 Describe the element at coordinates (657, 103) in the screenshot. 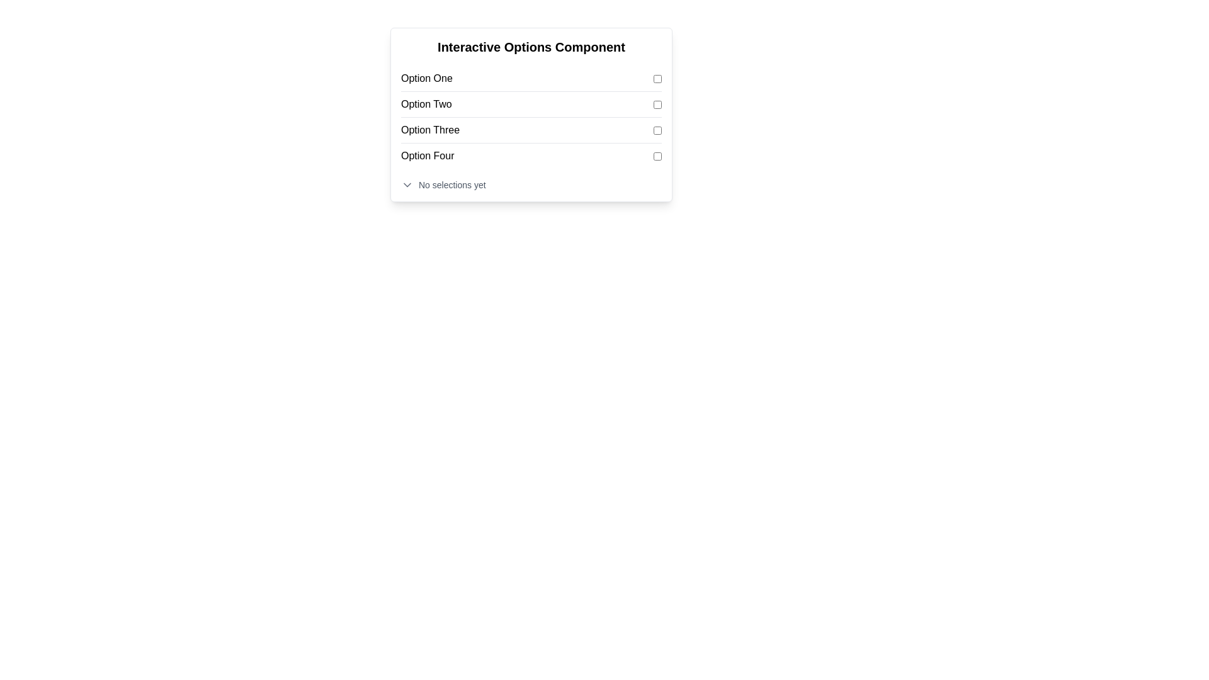

I see `the checkbox for 'Option Two'` at that location.